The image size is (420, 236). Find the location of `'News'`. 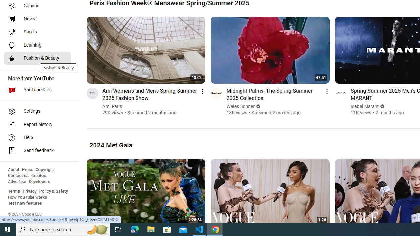

'News' is located at coordinates (37, 18).